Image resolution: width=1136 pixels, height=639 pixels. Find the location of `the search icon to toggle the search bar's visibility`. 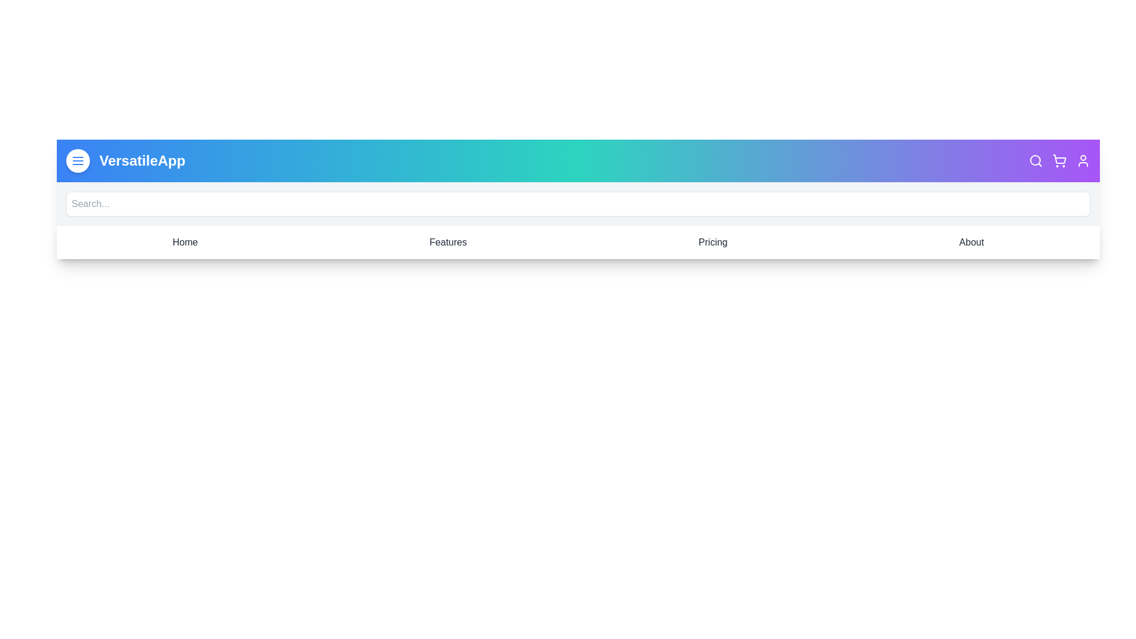

the search icon to toggle the search bar's visibility is located at coordinates (1035, 161).